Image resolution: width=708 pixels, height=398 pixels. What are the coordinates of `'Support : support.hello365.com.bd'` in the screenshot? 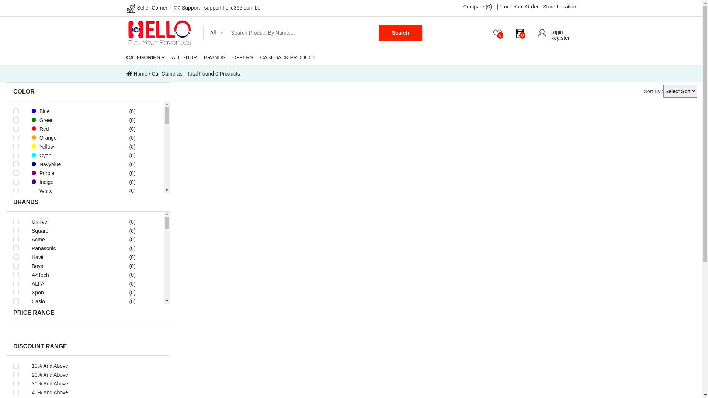 It's located at (217, 7).